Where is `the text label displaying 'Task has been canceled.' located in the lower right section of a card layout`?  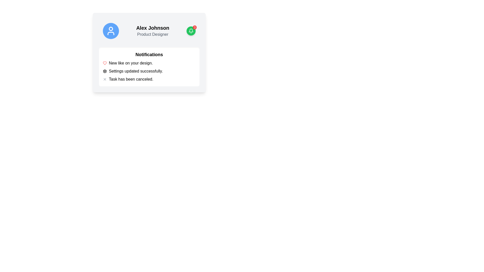
the text label displaying 'Task has been canceled.' located in the lower right section of a card layout is located at coordinates (131, 79).